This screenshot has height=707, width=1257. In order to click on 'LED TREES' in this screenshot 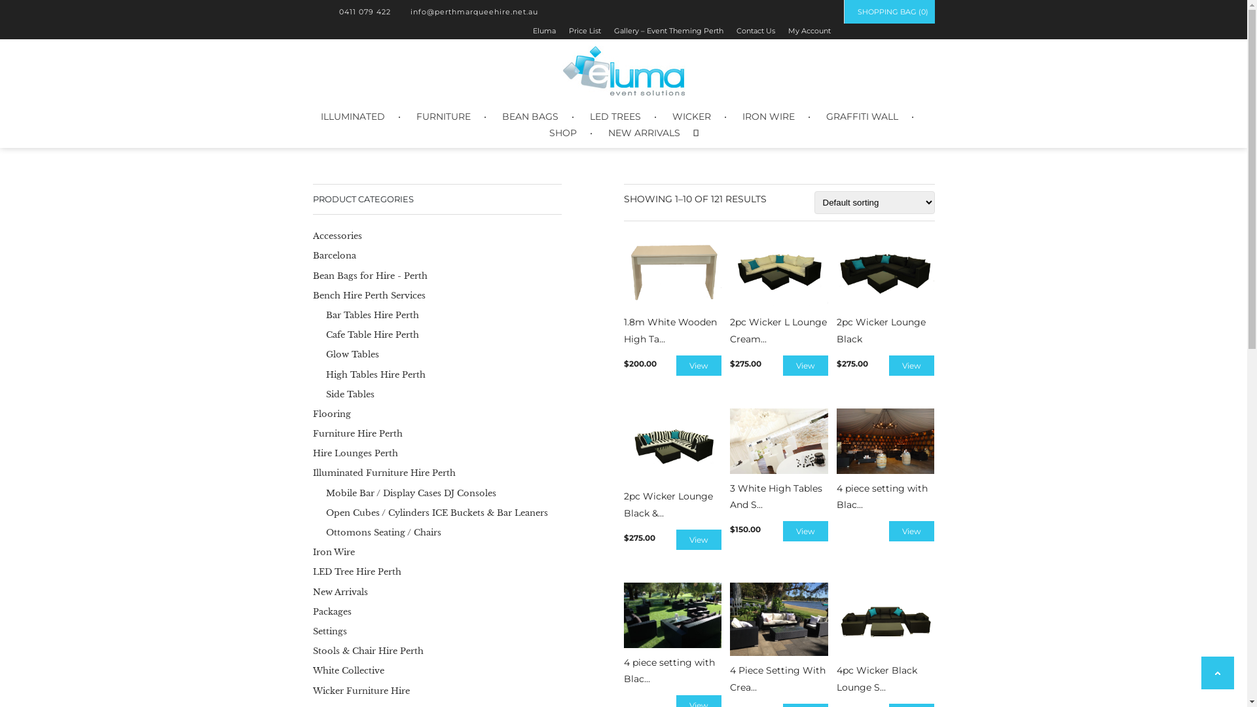, I will do `click(614, 116)`.